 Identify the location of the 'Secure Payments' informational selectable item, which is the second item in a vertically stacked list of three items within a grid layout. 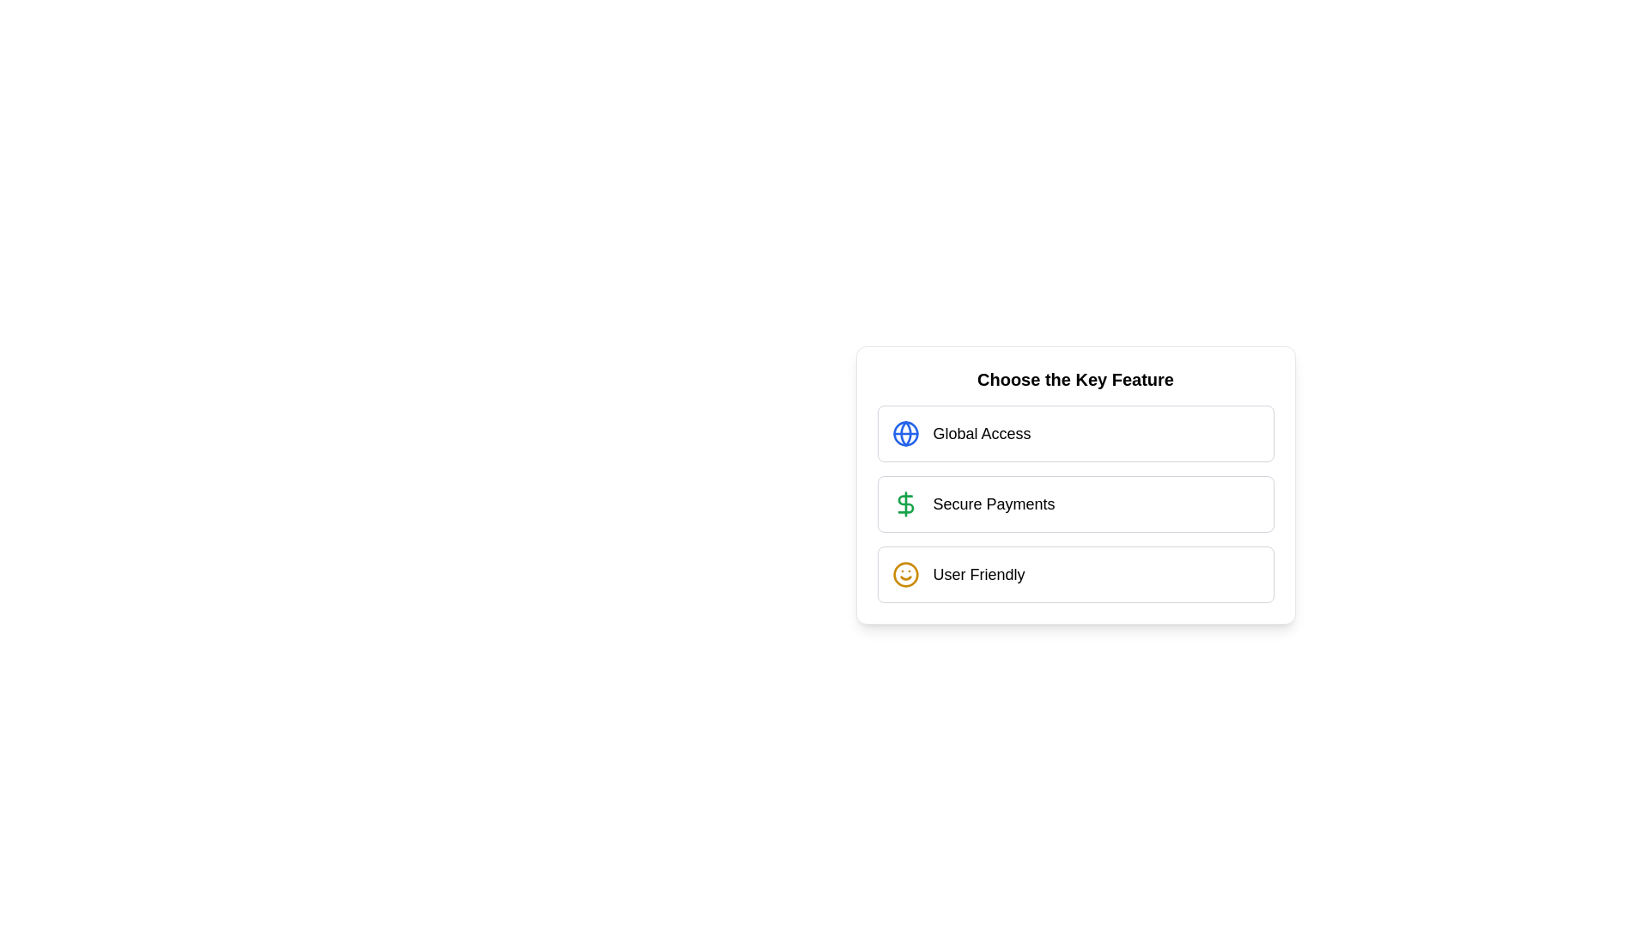
(1074, 503).